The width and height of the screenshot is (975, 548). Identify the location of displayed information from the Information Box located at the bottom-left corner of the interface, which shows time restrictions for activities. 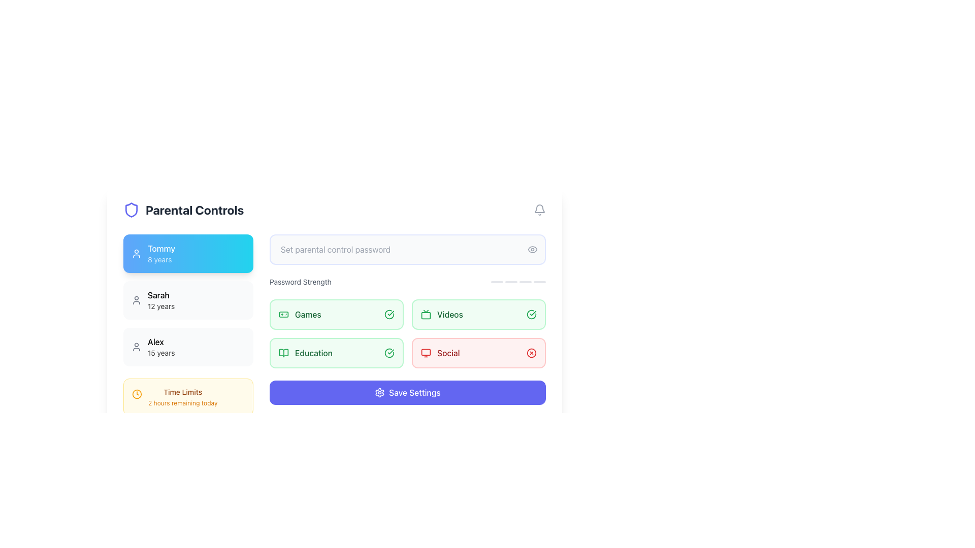
(188, 397).